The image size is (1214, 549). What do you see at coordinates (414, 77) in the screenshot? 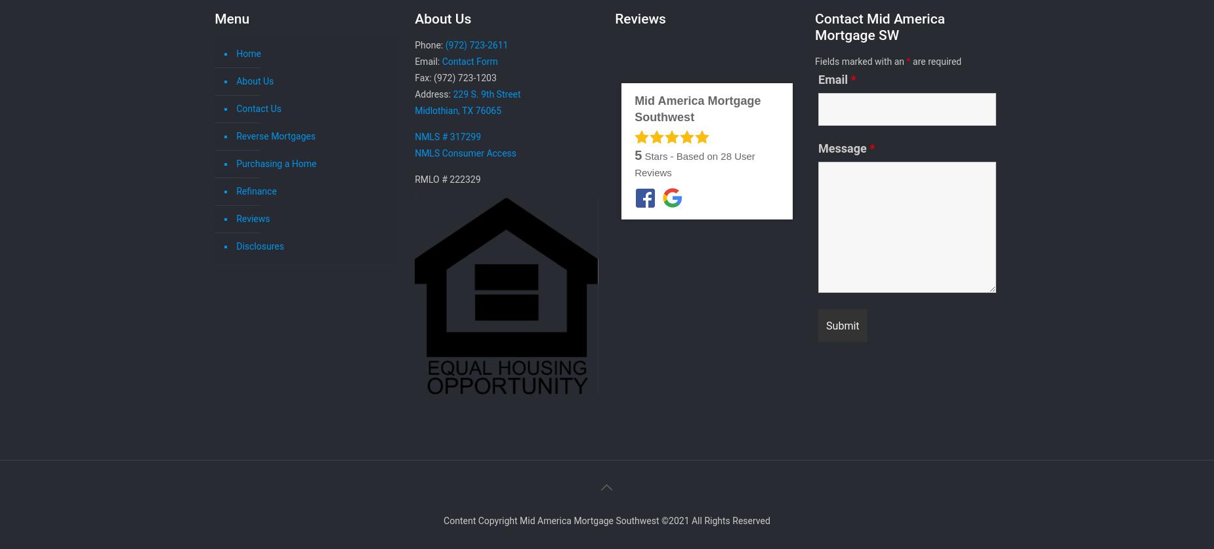
I see `'Fax: (972) 723-1203'` at bounding box center [414, 77].